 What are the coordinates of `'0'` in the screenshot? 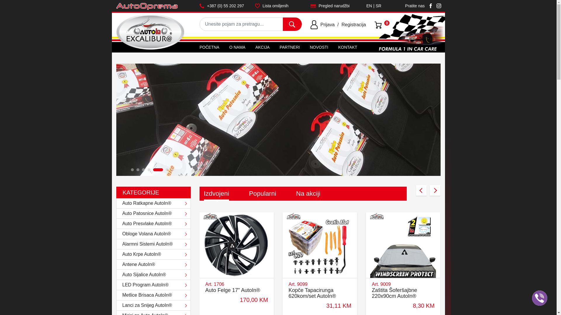 It's located at (379, 24).